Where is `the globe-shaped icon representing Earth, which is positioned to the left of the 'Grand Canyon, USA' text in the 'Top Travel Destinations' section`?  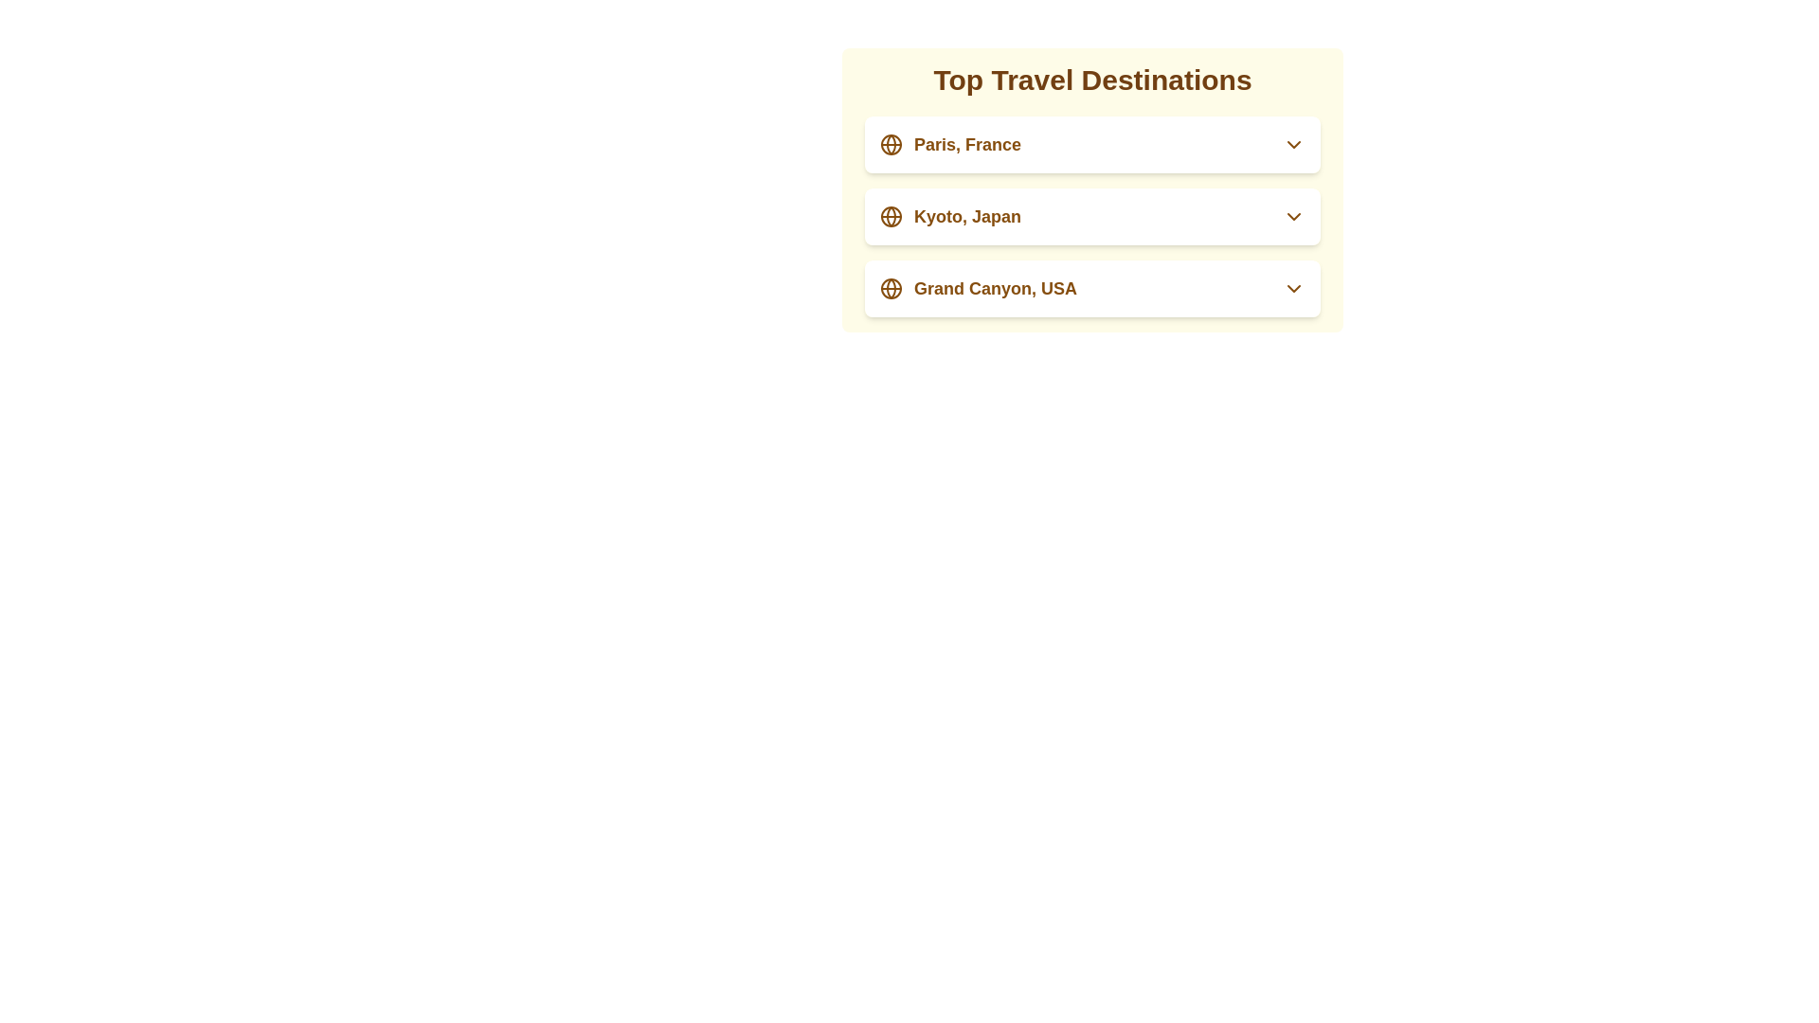
the globe-shaped icon representing Earth, which is positioned to the left of the 'Grand Canyon, USA' text in the 'Top Travel Destinations' section is located at coordinates (890, 288).